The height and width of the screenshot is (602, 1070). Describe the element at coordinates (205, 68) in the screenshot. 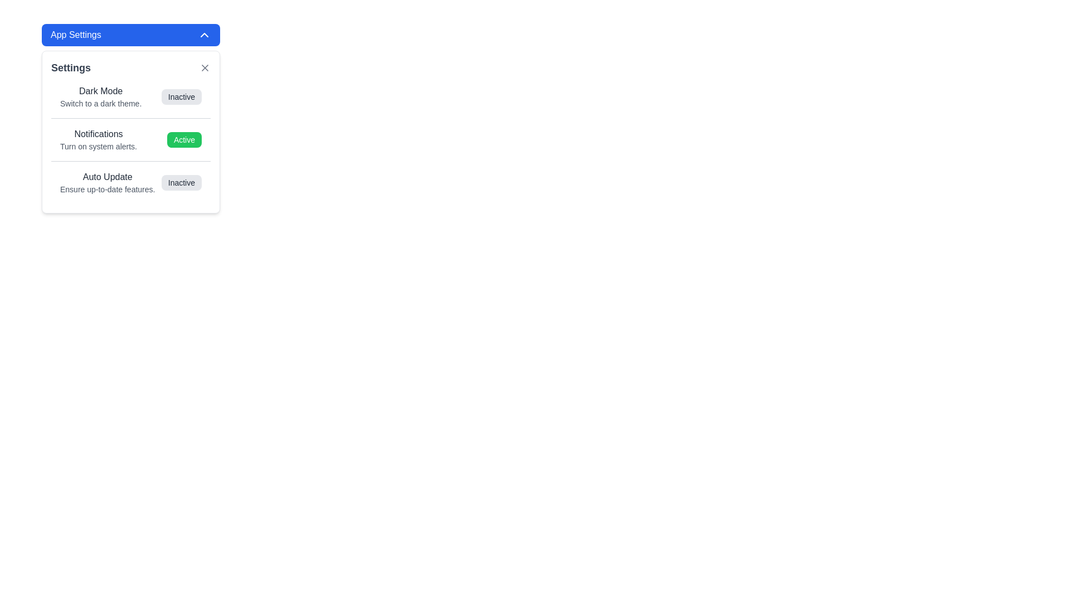

I see `the small gray 'X' button located in the top-right corner of the 'Settings' card` at that location.